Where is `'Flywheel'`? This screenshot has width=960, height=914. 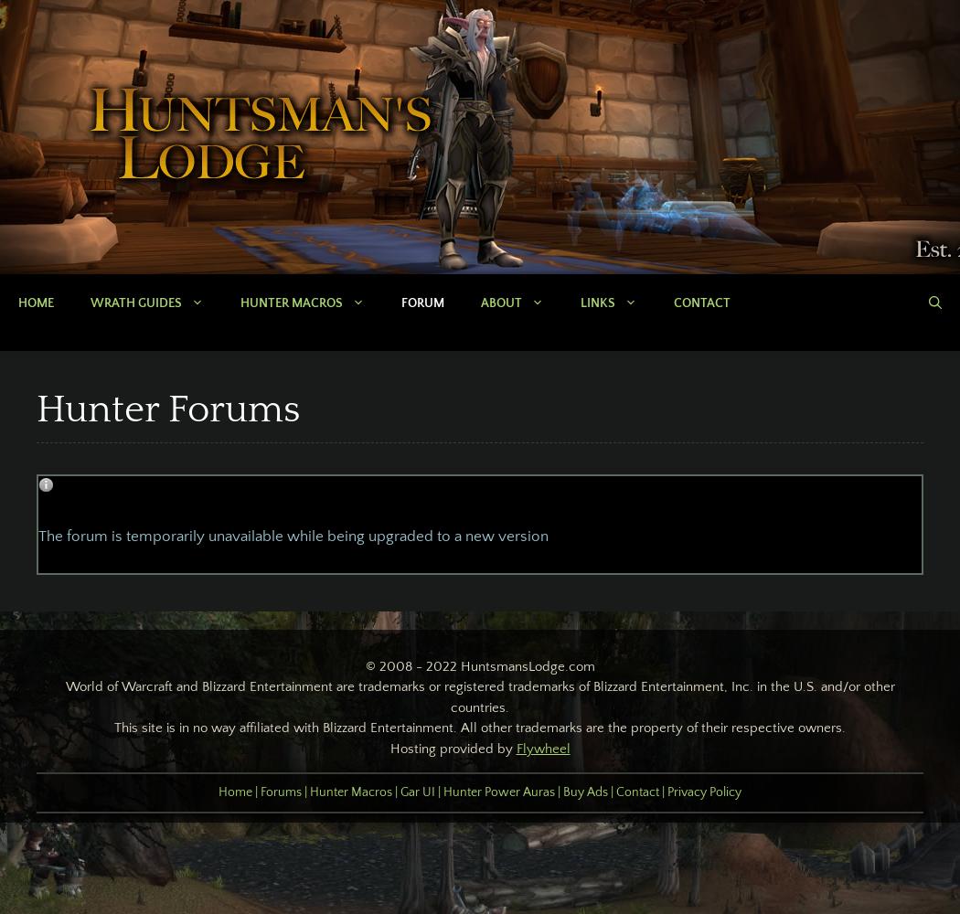 'Flywheel' is located at coordinates (541, 747).